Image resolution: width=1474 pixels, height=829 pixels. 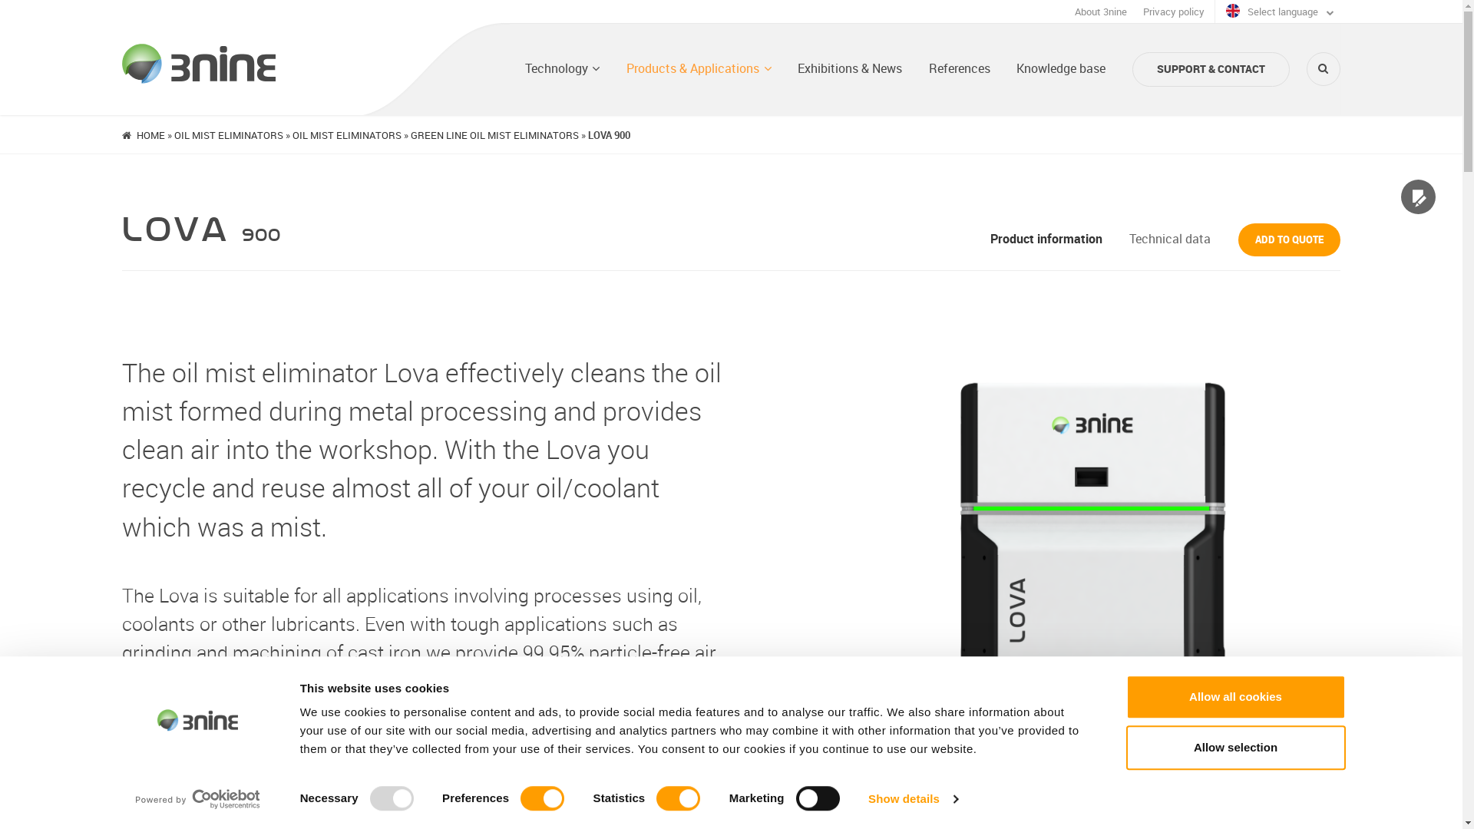 I want to click on 'Knowledge base', so click(x=1016, y=68).